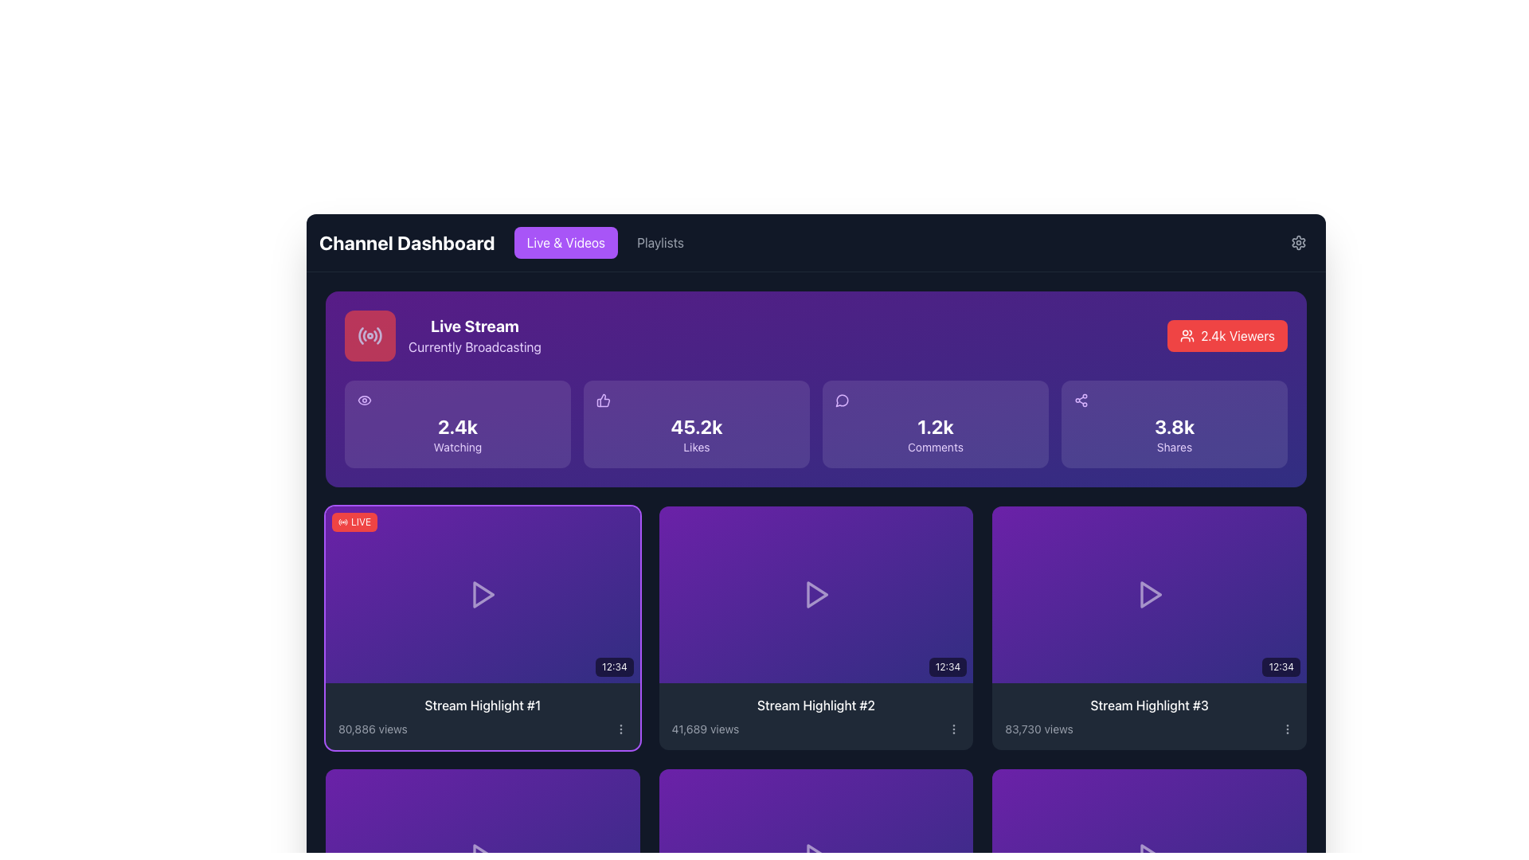 The height and width of the screenshot is (860, 1529). Describe the element at coordinates (370, 334) in the screenshot. I see `the Icon Button (Non-Interactive) that indicates the live streaming feature, located at the top-left side of the purple-colored section labeled 'Live Stream - Currently Broadcasting'` at that location.